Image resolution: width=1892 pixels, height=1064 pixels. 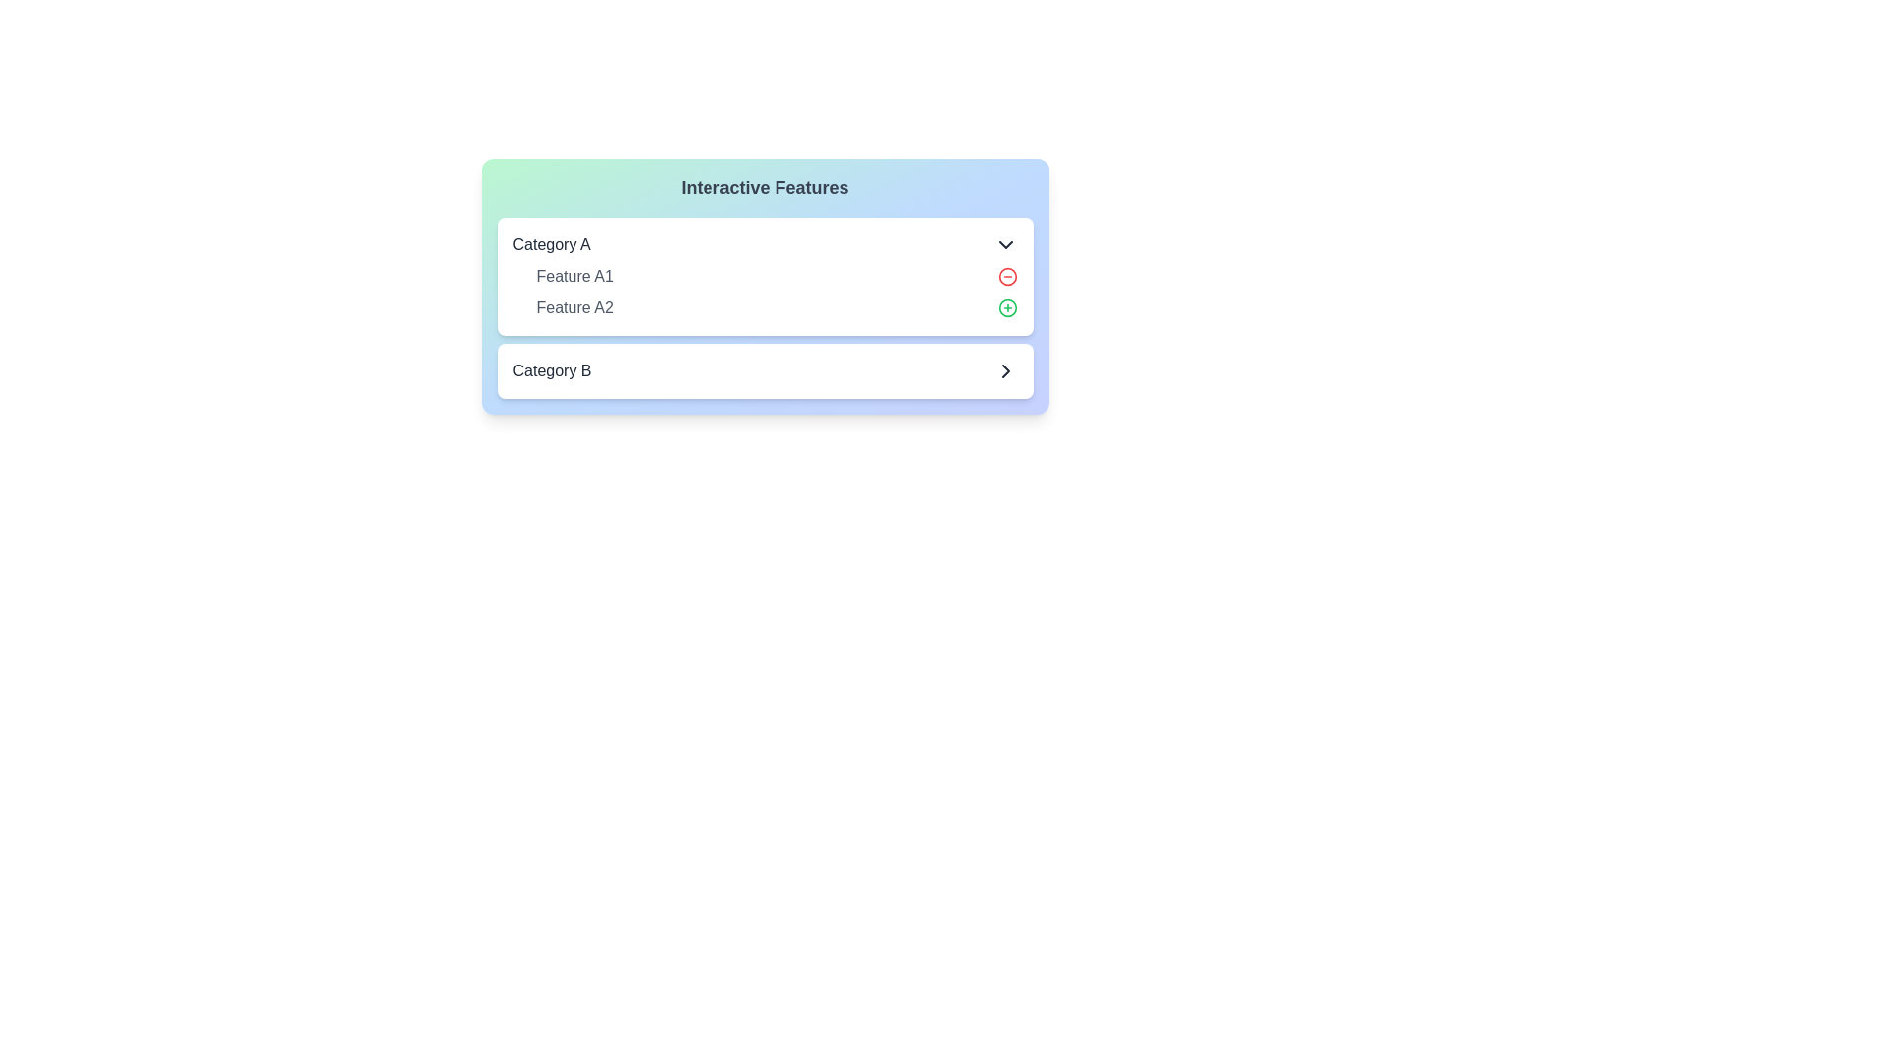 I want to click on the right-pointing chevron icon located to the right of the 'Category A' text, so click(x=1005, y=244).